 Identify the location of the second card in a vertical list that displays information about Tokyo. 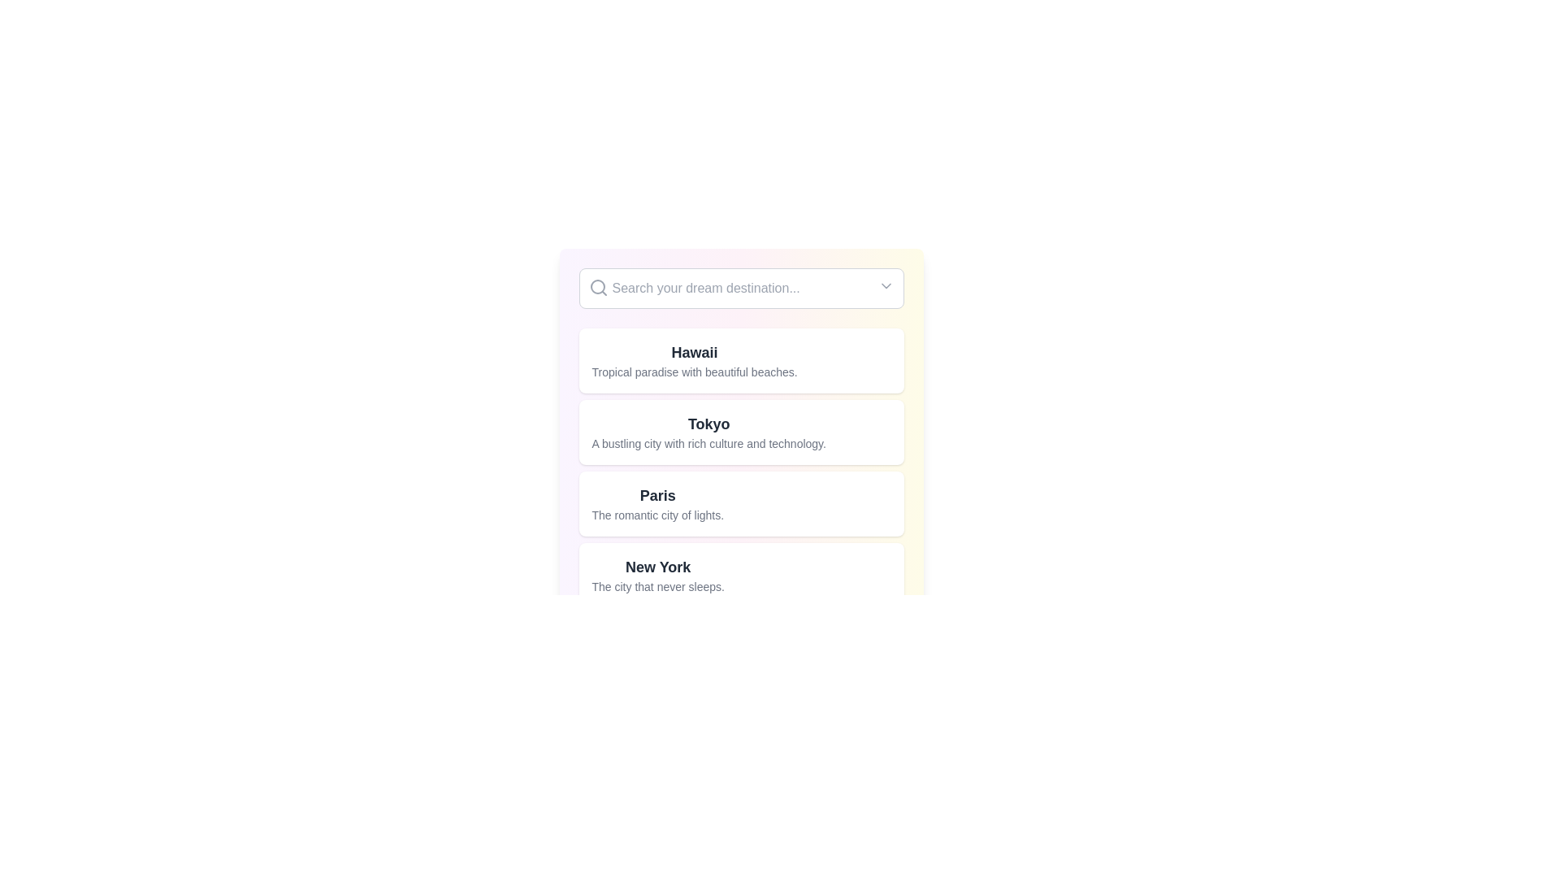
(740, 437).